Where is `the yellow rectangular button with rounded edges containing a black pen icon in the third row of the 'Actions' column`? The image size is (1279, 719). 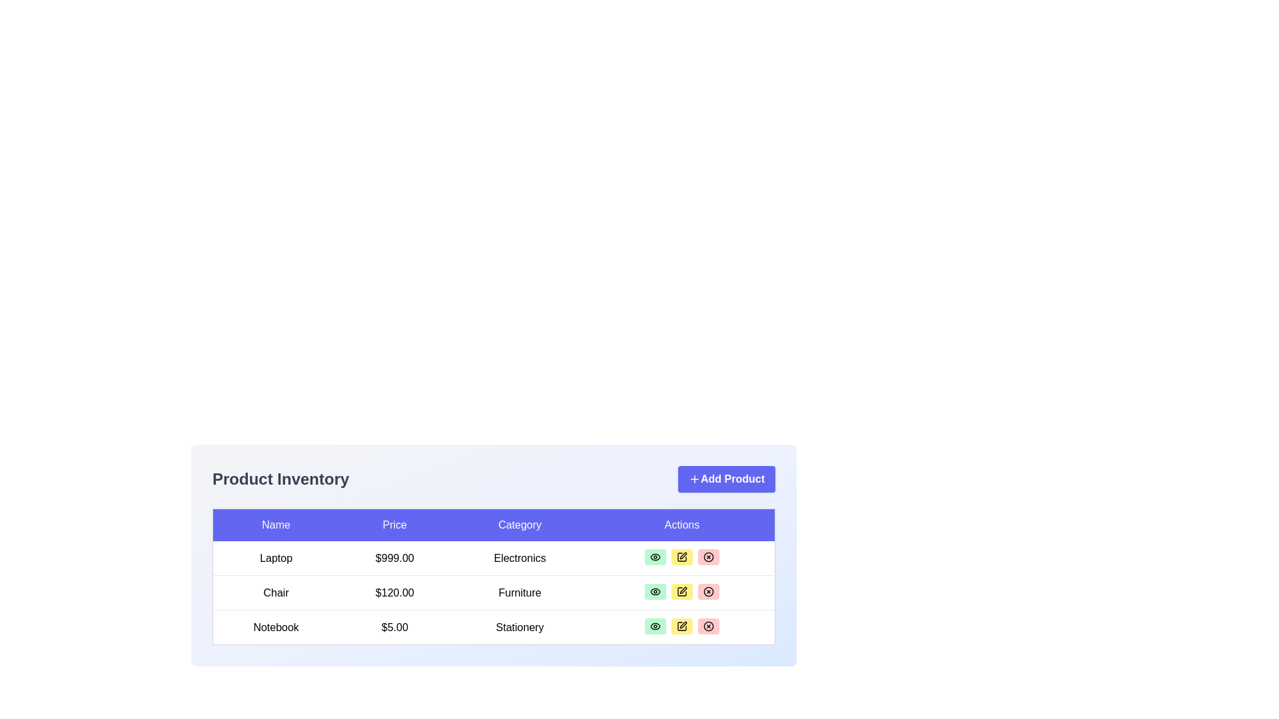
the yellow rectangular button with rounded edges containing a black pen icon in the third row of the 'Actions' column is located at coordinates (681, 591).